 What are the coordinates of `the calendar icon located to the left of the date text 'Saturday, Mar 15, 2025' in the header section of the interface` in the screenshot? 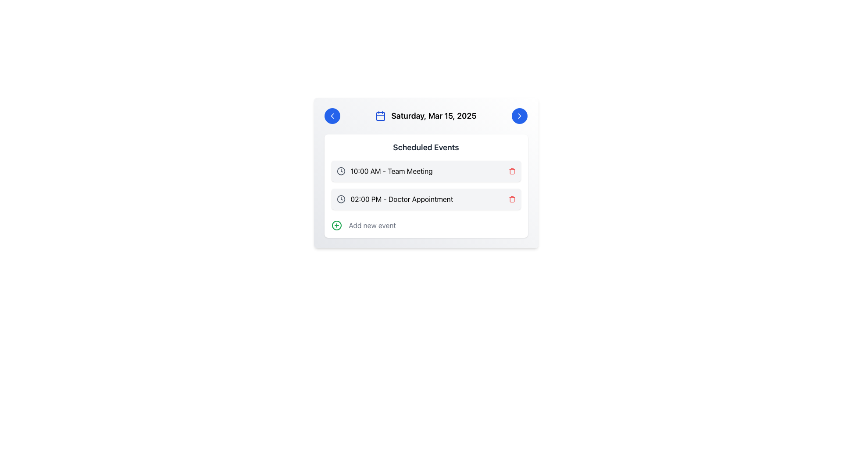 It's located at (381, 116).